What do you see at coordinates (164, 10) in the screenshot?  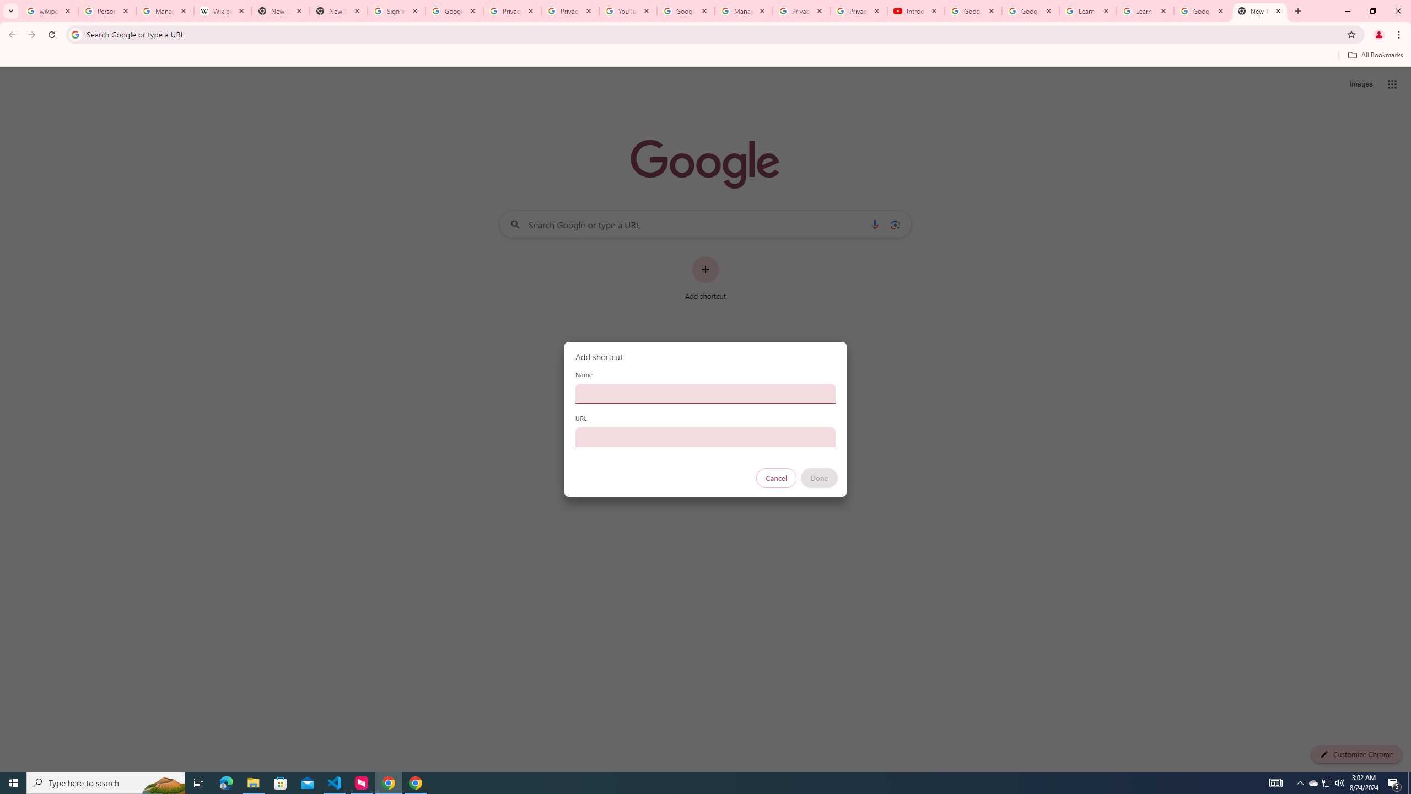 I see `'Manage your Location History - Google Search Help'` at bounding box center [164, 10].